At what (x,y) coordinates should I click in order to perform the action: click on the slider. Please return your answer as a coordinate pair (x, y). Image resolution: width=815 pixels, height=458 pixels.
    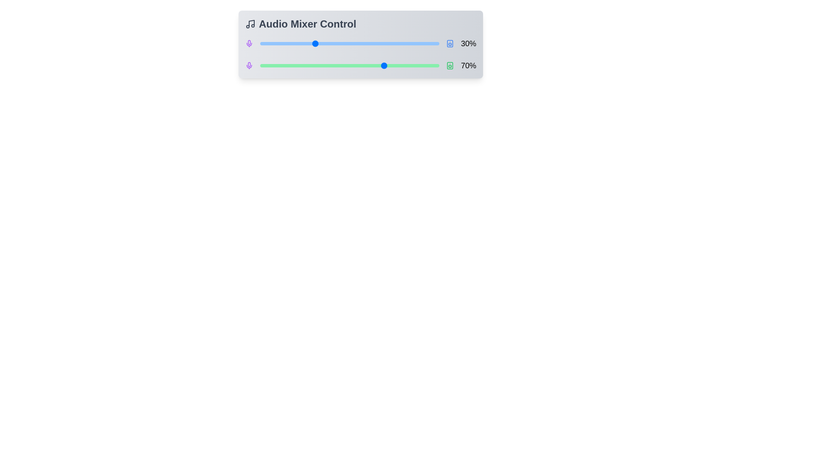
    Looking at the image, I should click on (290, 44).